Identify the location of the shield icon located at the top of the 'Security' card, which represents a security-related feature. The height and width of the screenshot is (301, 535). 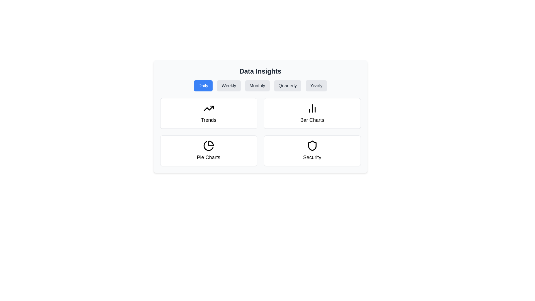
(312, 145).